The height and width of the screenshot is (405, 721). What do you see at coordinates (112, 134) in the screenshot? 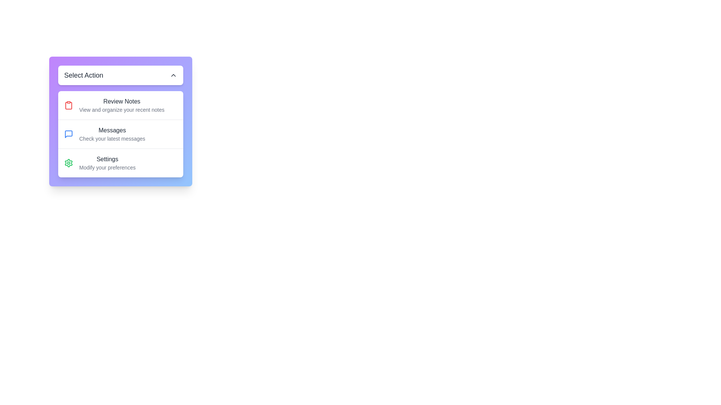
I see `the textual heading located below the 'Review Notes' section and above the 'Settings' section` at bounding box center [112, 134].